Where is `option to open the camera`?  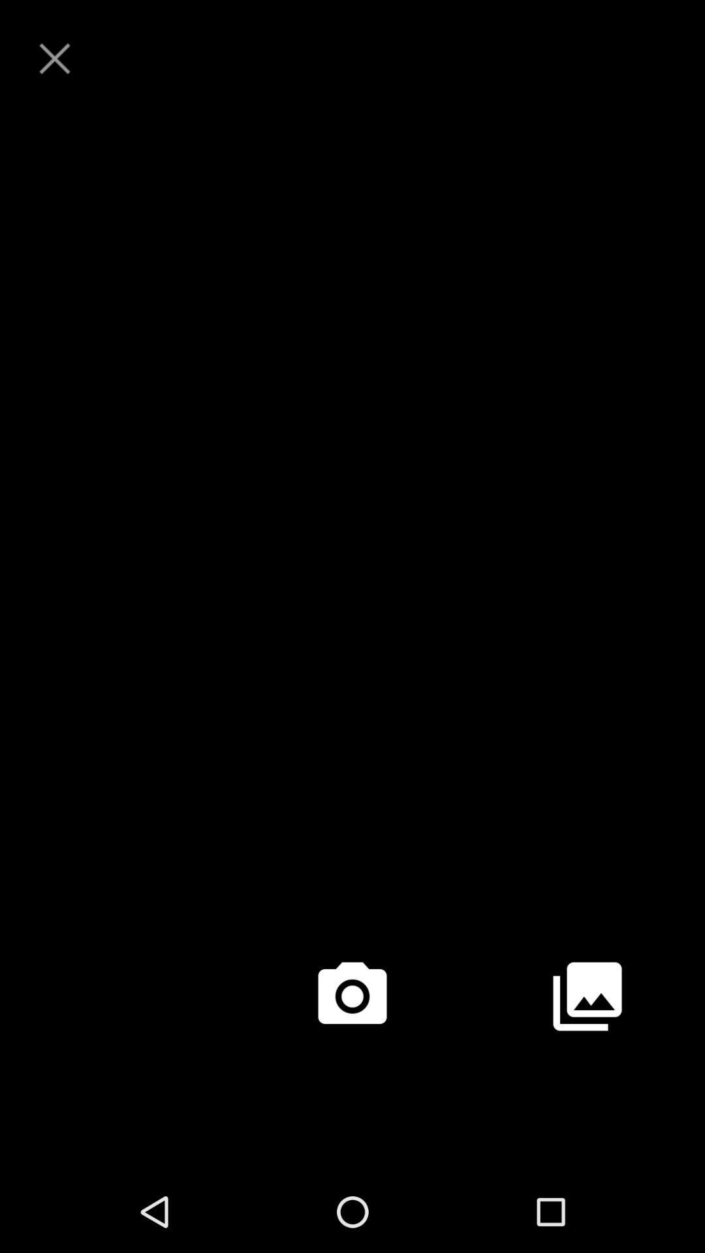
option to open the camera is located at coordinates (352, 995).